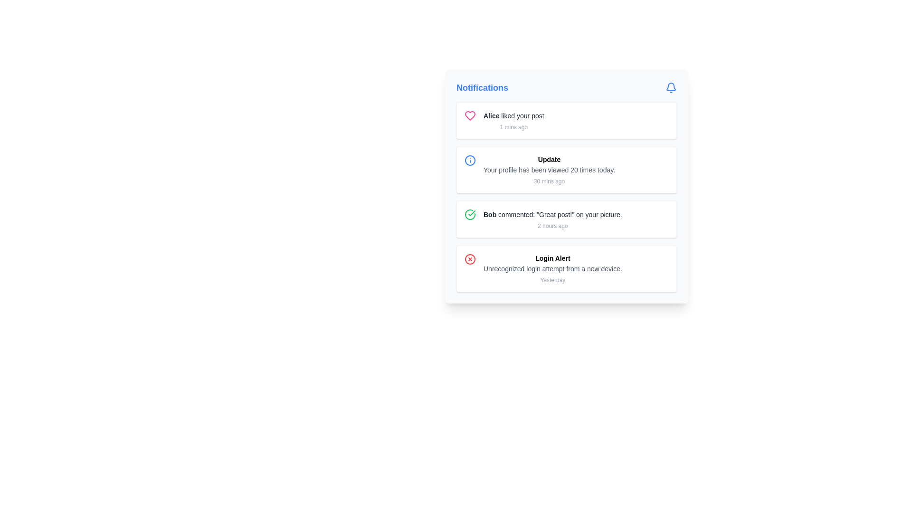 The width and height of the screenshot is (912, 513). Describe the element at coordinates (470, 115) in the screenshot. I see `the 'like' icon within the notification card that indicates 'Alice liked your post'` at that location.